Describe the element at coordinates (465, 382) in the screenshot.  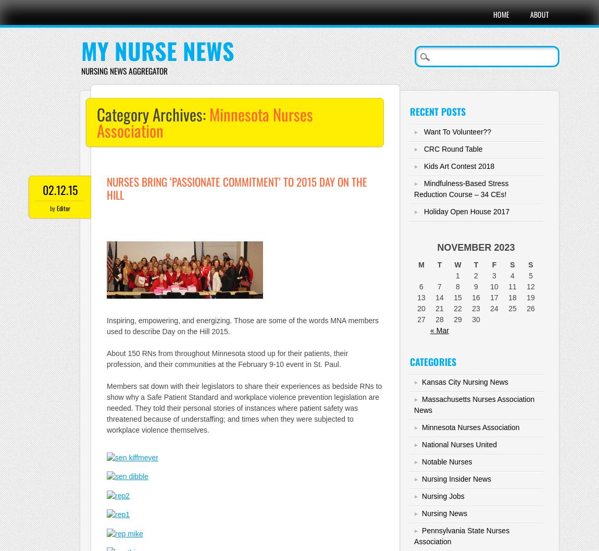
I see `'Kansas City Nursing News'` at that location.